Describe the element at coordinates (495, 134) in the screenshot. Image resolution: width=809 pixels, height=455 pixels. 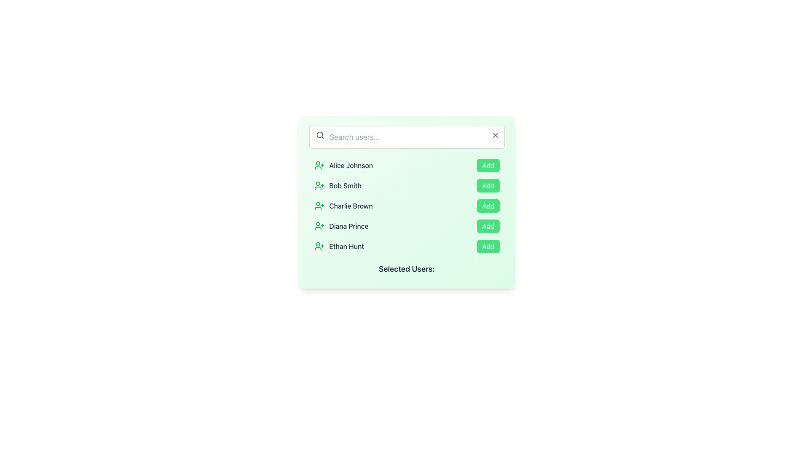
I see `the gray 'X' icon located at the top-right corner of the search input field` at that location.